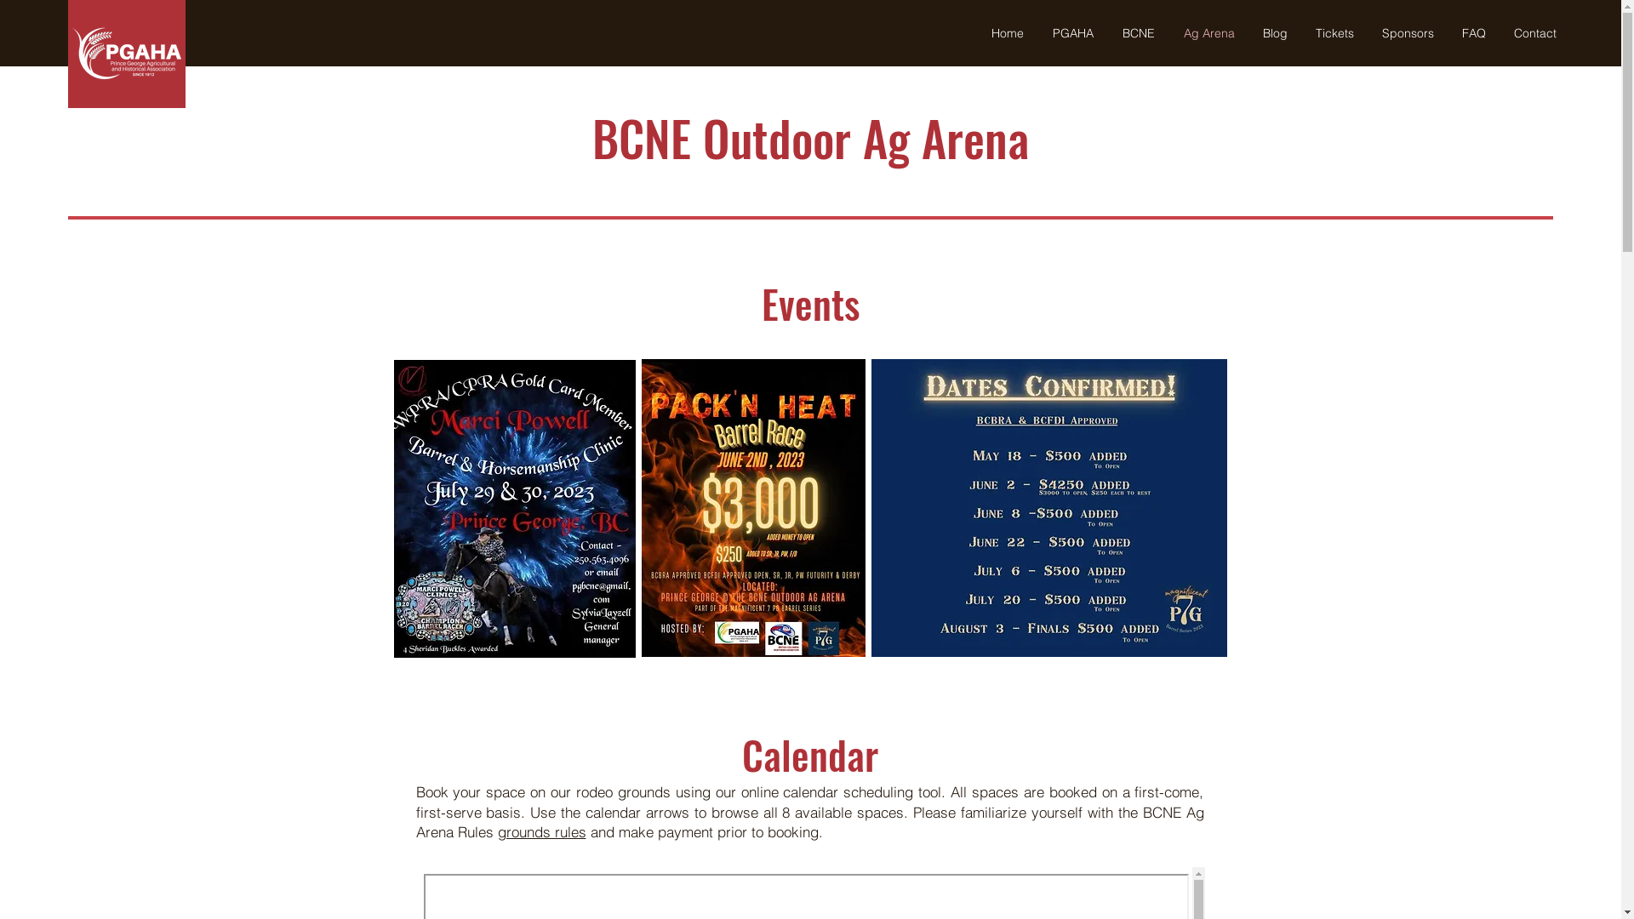  I want to click on 'Magnificent 7 PG Barrel Series.jpg', so click(1048, 507).